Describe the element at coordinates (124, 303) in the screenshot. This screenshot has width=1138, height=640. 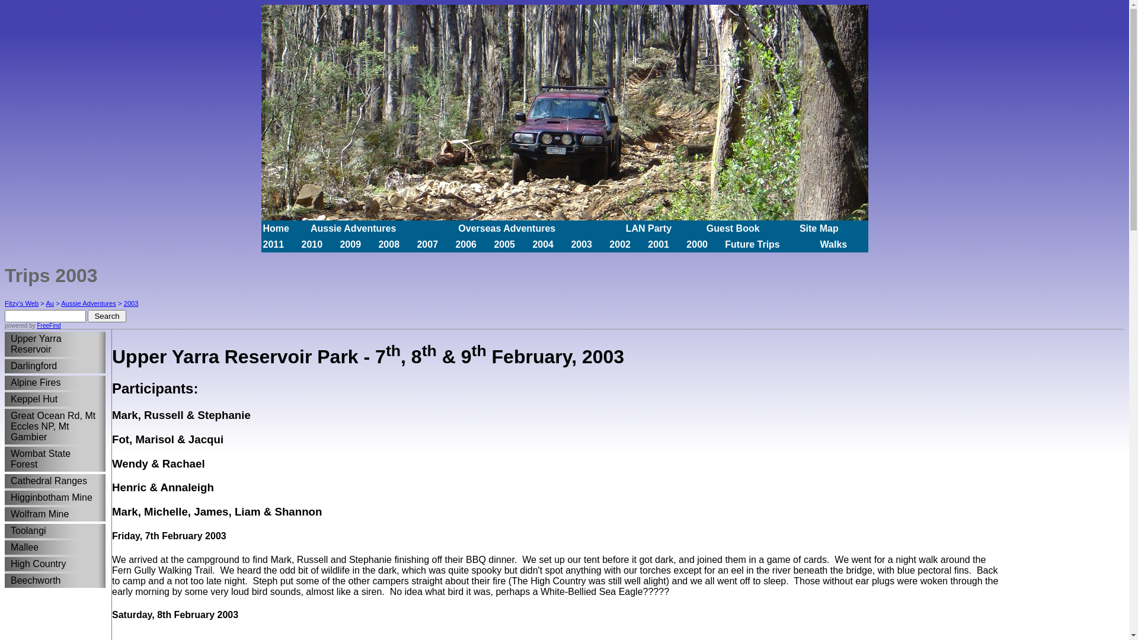
I see `'2003'` at that location.